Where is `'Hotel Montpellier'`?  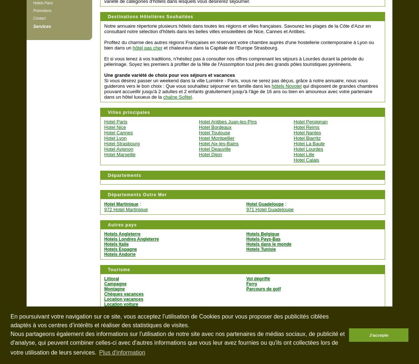
'Hotel Montpellier' is located at coordinates (216, 138).